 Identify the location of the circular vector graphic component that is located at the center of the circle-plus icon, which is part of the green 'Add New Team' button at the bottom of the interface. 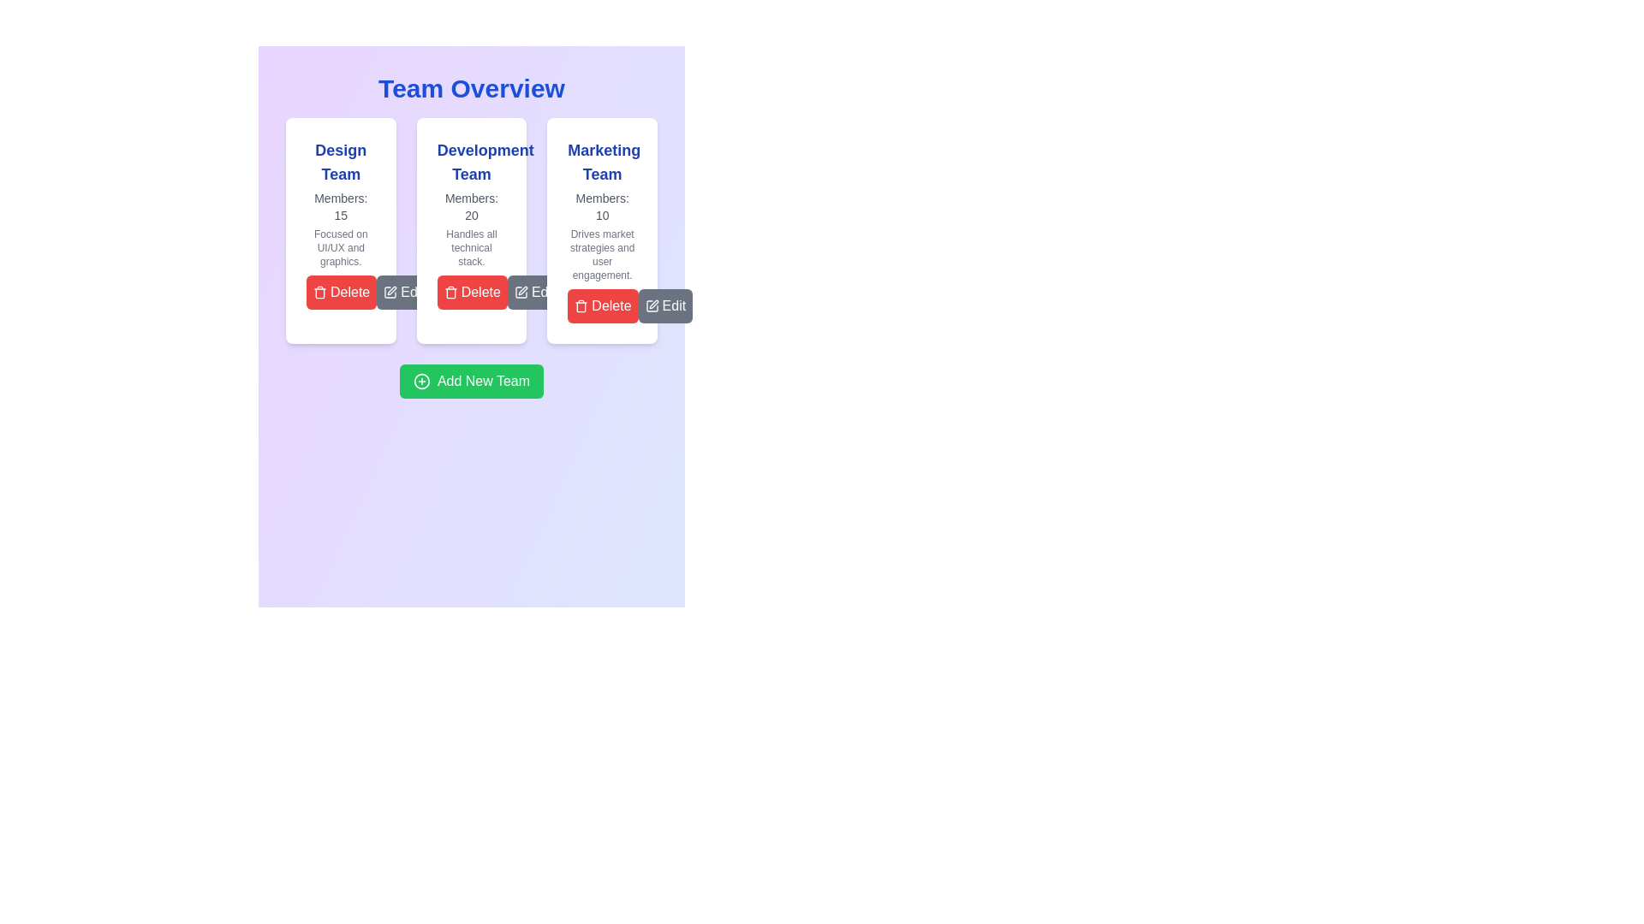
(421, 381).